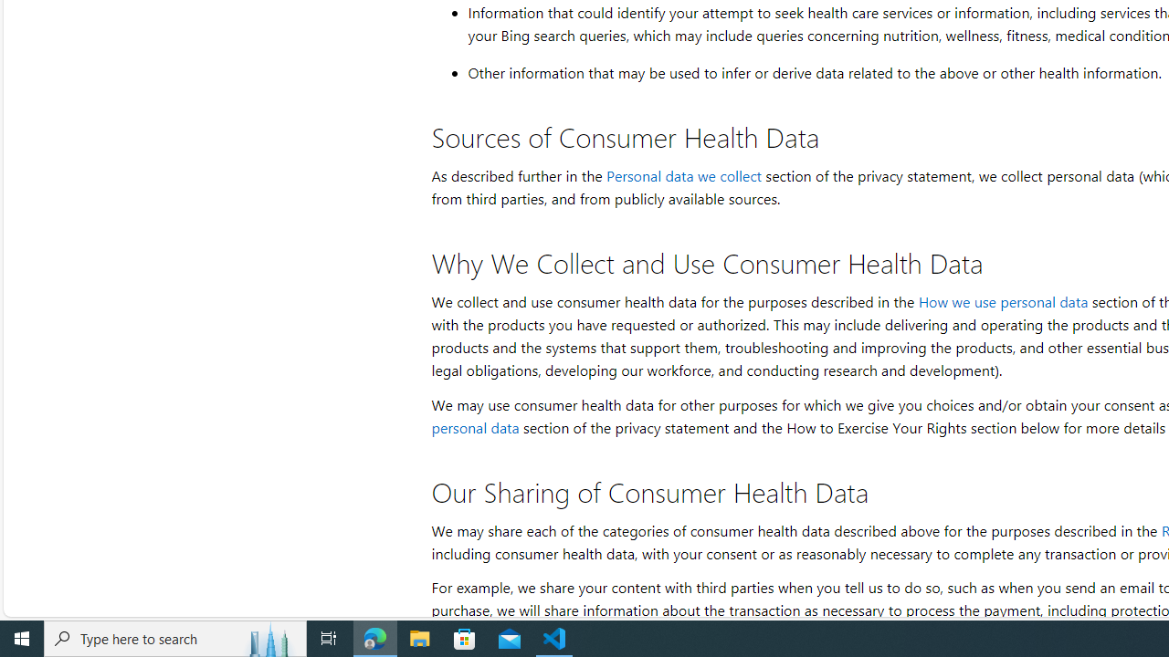  What do you see at coordinates (1002, 300) in the screenshot?
I see `'How we use personal data'` at bounding box center [1002, 300].